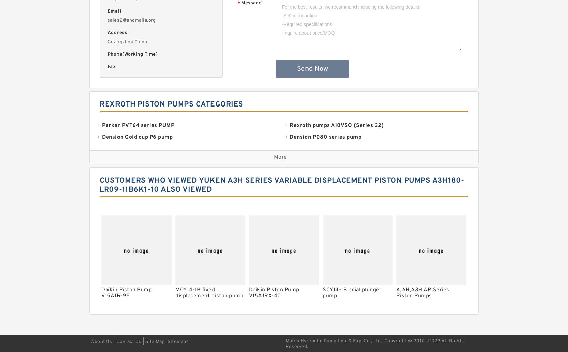 This screenshot has height=352, width=568. What do you see at coordinates (336, 125) in the screenshot?
I see `'Rexroth pumps A10VSO (Series 32)'` at bounding box center [336, 125].